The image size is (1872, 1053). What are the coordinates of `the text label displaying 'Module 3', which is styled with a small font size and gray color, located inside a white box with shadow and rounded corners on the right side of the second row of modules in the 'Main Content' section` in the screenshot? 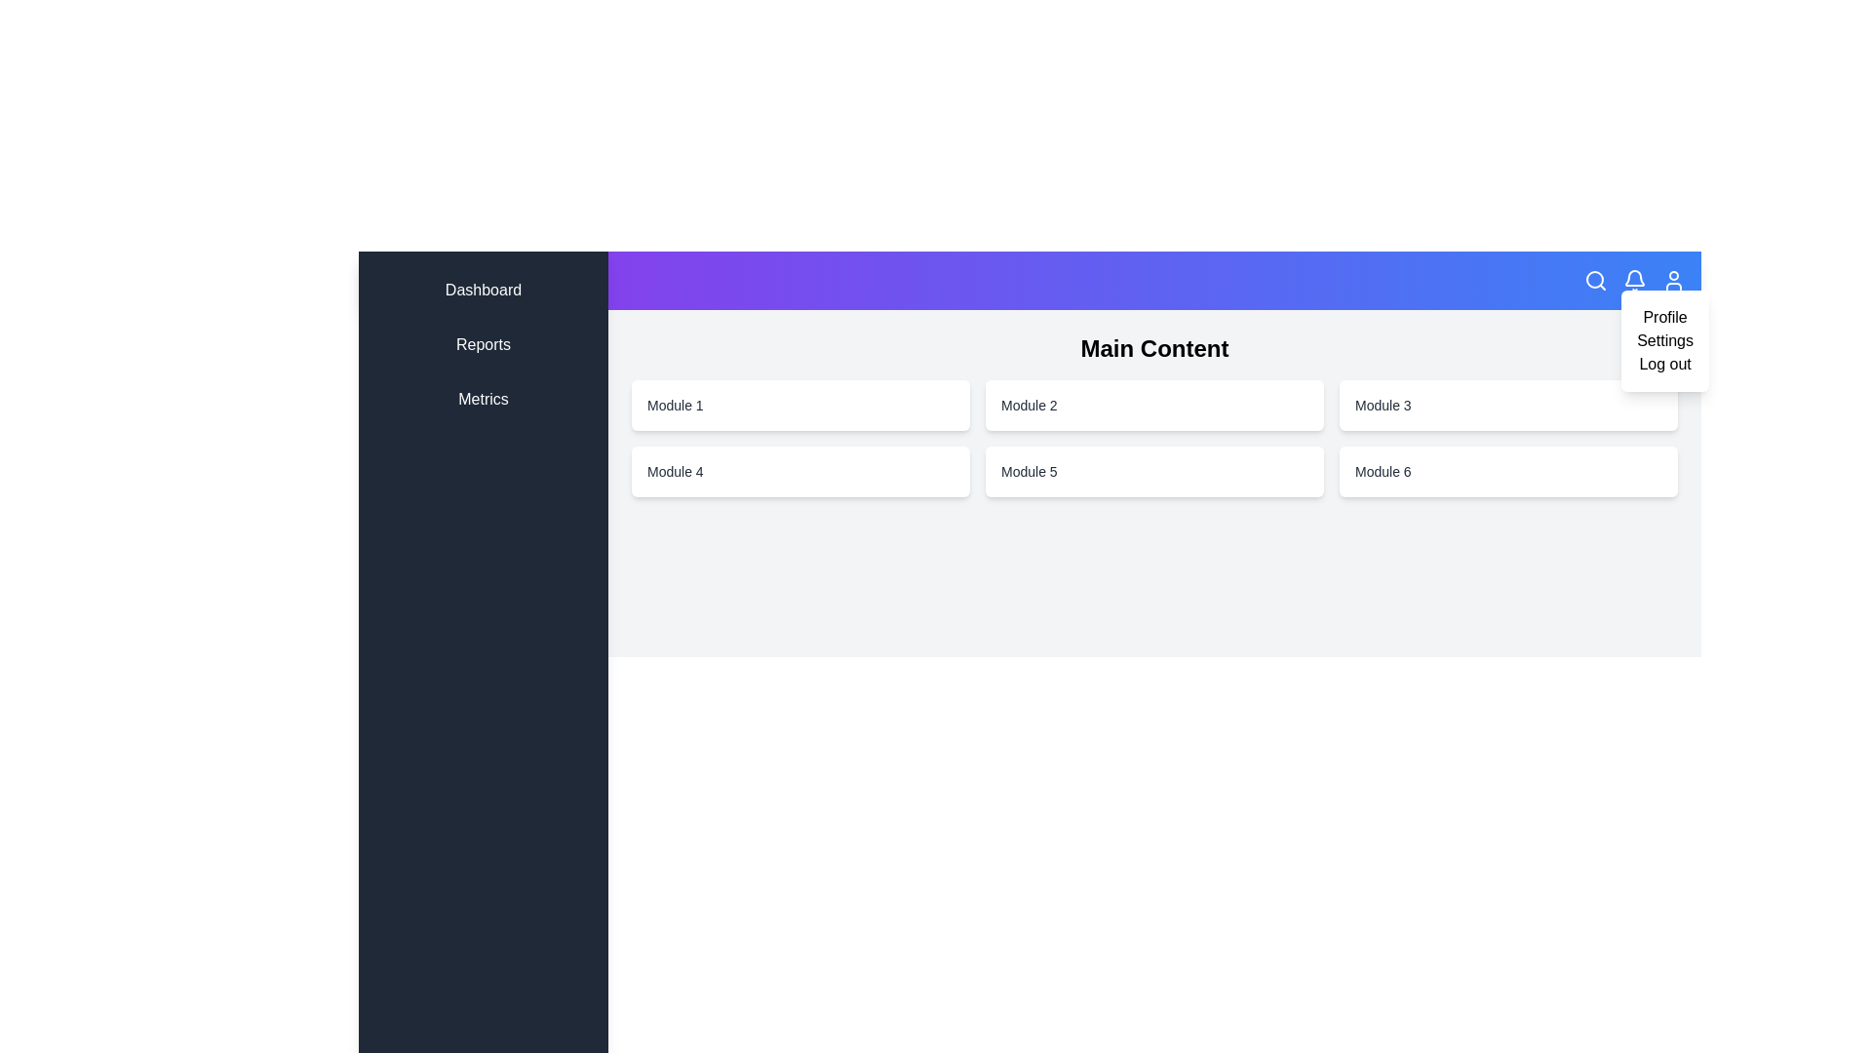 It's located at (1382, 405).